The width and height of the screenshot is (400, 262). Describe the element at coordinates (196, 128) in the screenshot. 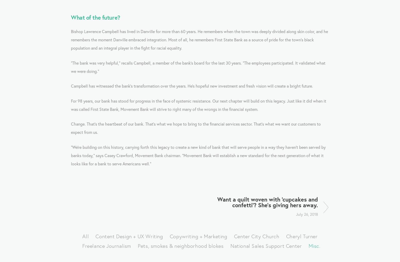

I see `'Change. That’s the heartbeat of our bank. That’s what we hope to bring to the financial services sector. That’s what we want our customers to expect from us.'` at that location.